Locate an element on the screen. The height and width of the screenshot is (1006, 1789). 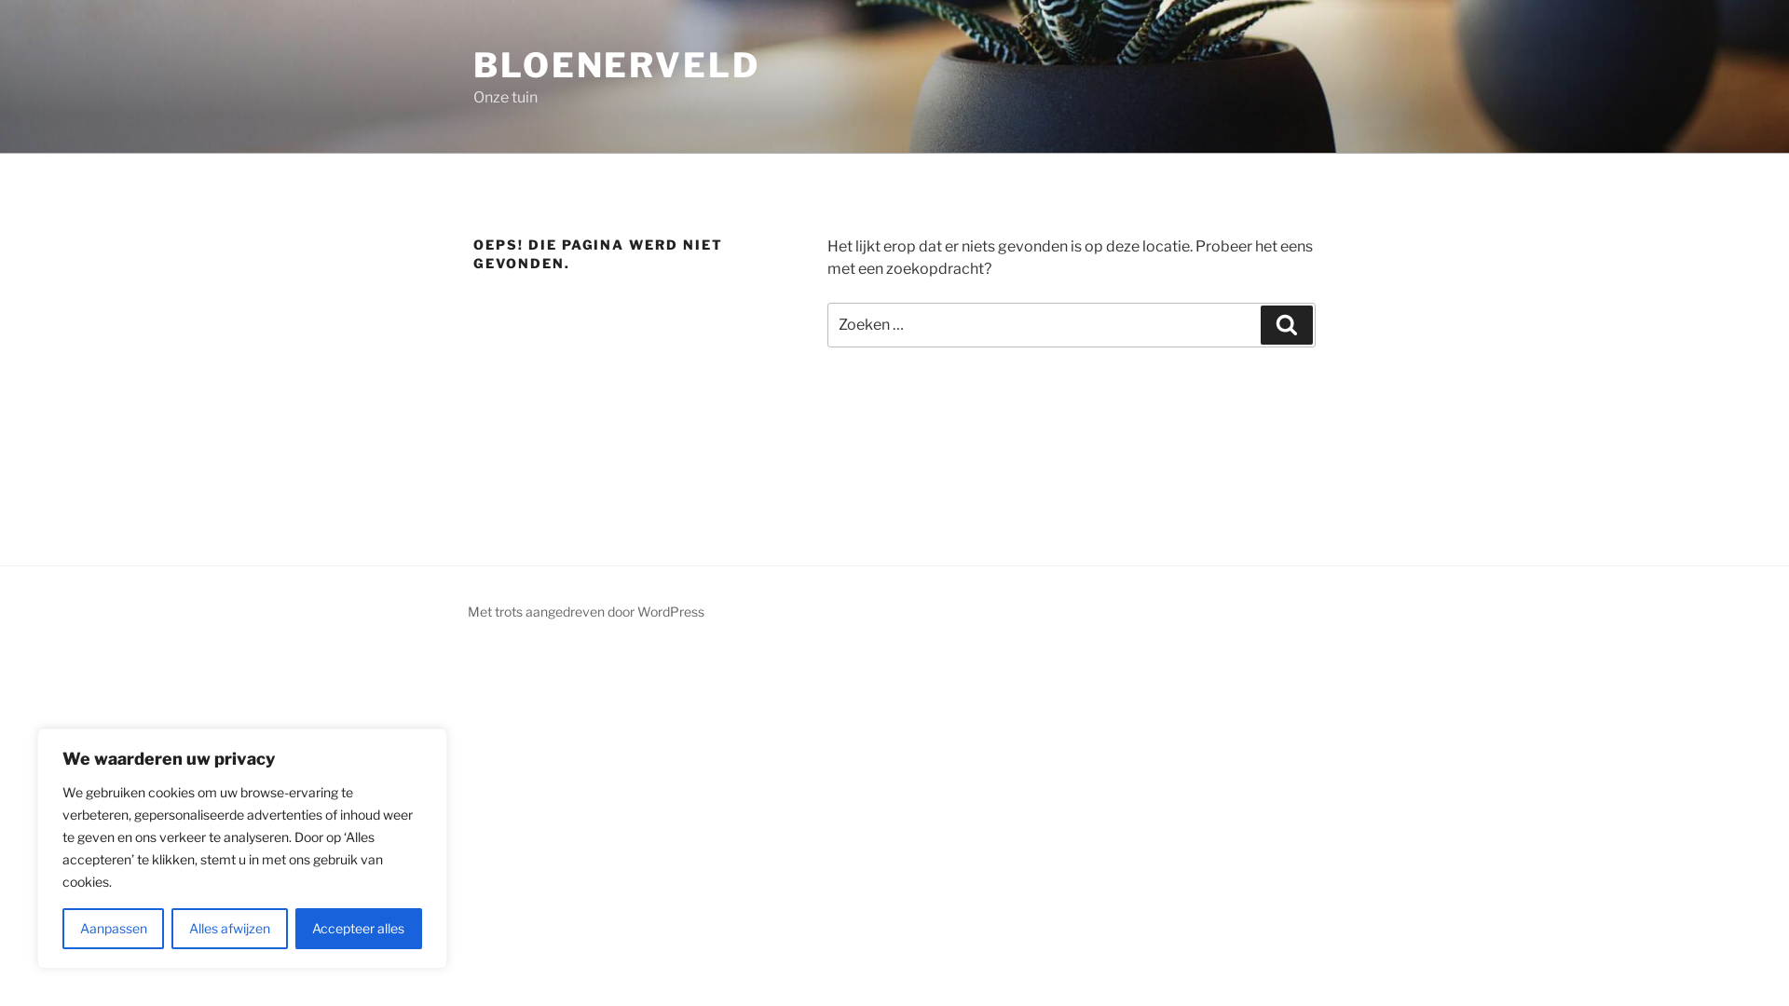
'Met trots aangedreven door WordPress' is located at coordinates (584, 611).